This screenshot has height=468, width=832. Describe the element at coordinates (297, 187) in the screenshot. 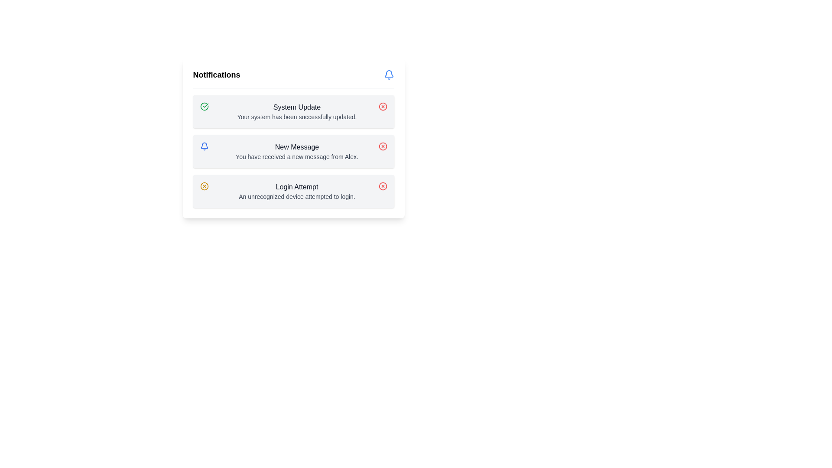

I see `text of the 'Login Attempt' header located at the top of the third notification entry` at that location.